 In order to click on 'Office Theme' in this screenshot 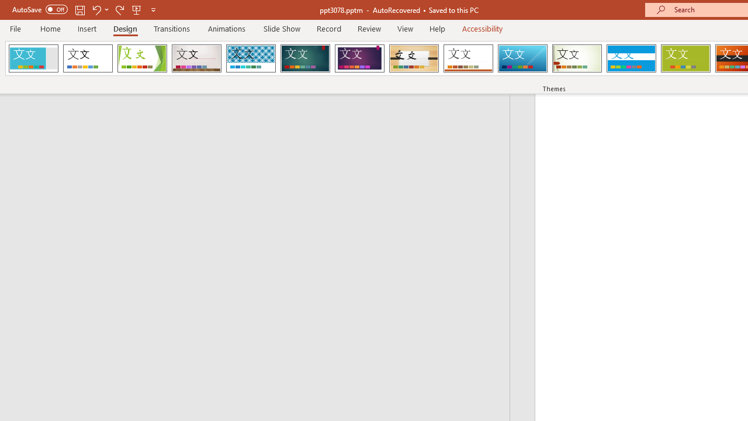, I will do `click(87, 58)`.